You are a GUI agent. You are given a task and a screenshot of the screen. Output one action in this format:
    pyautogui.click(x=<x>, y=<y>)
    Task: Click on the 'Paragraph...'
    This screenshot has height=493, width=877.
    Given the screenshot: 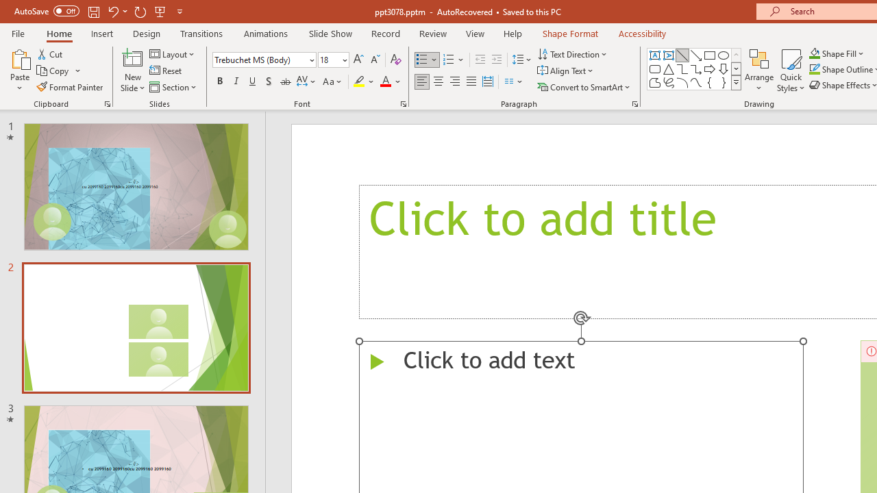 What is the action you would take?
    pyautogui.click(x=634, y=103)
    